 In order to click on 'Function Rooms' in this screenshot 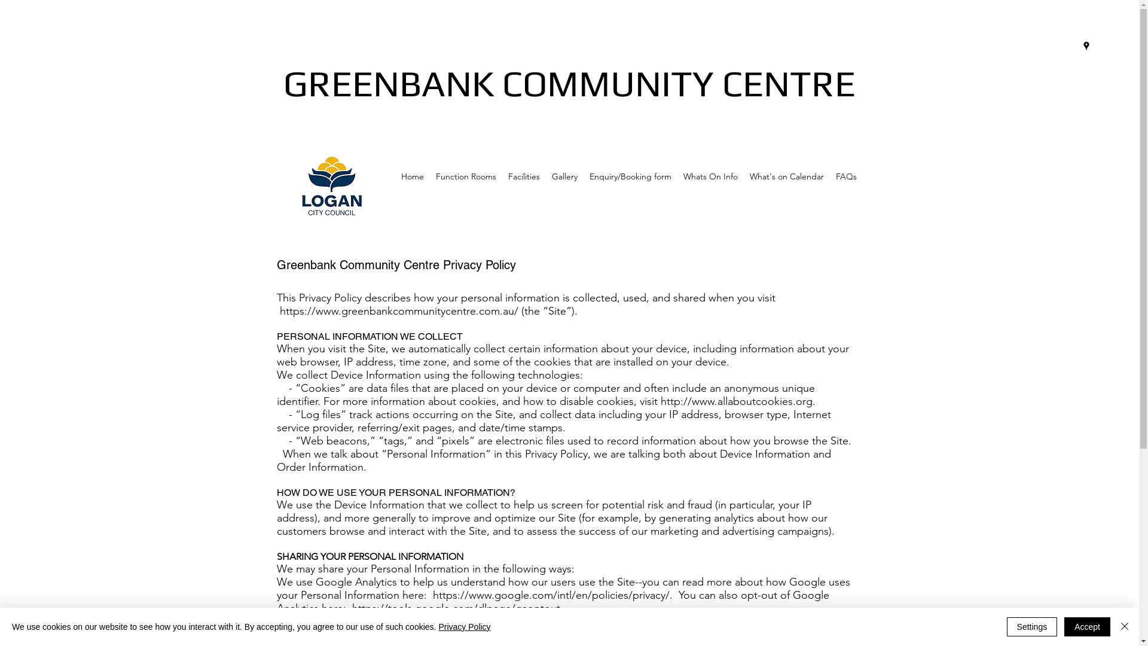, I will do `click(465, 176)`.